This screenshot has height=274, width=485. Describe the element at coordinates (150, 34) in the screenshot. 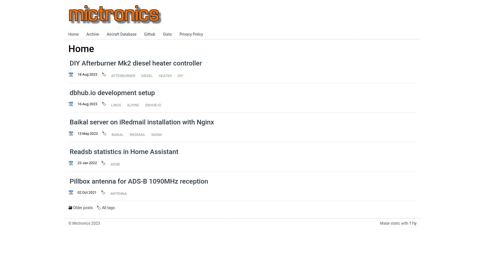

I see `'Github'` at that location.